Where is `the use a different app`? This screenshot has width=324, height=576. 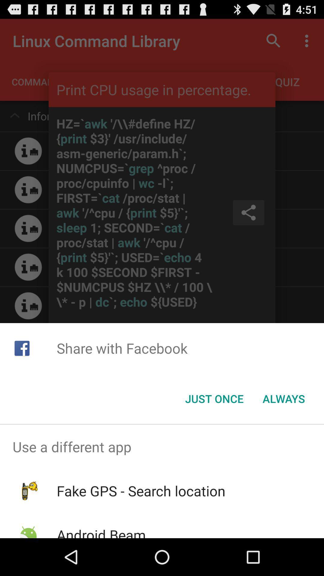
the use a different app is located at coordinates (162, 447).